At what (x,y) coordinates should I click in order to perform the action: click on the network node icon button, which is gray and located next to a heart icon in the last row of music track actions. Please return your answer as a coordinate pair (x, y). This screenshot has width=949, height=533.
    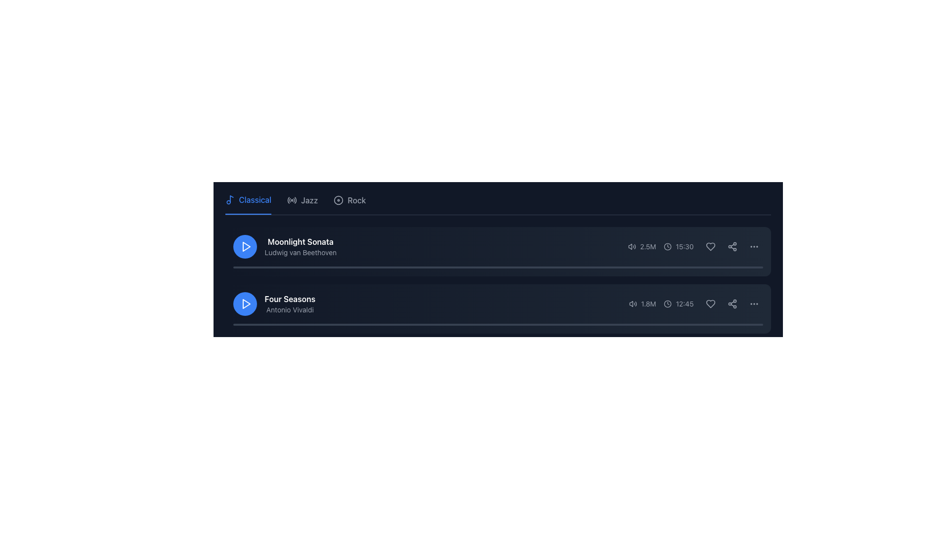
    Looking at the image, I should click on (732, 304).